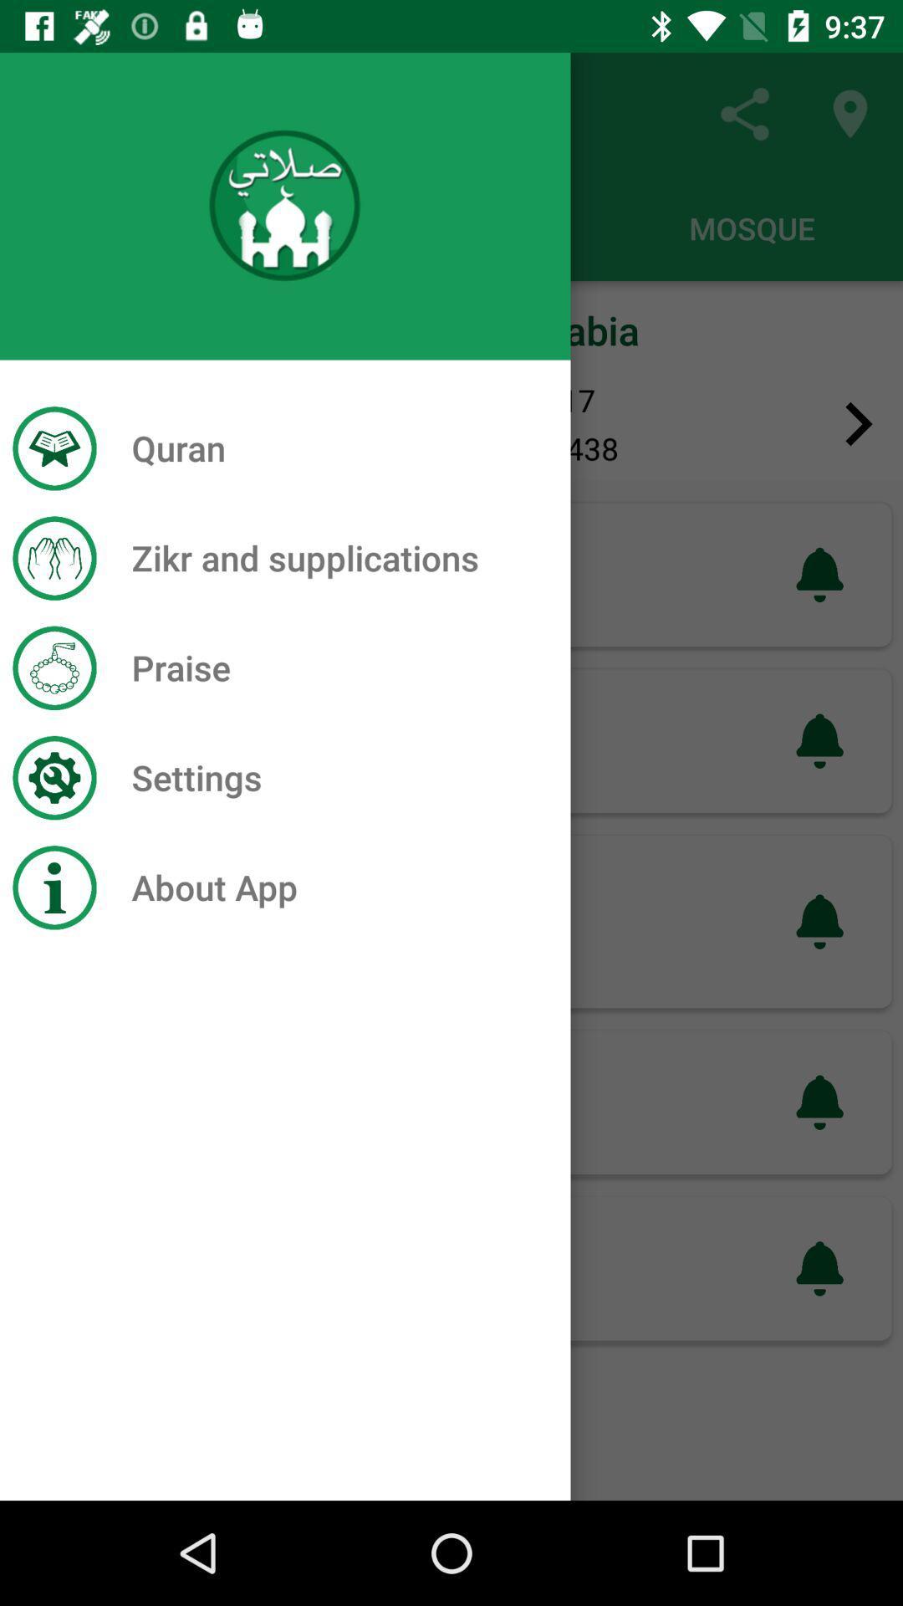 This screenshot has width=903, height=1606. Describe the element at coordinates (43, 424) in the screenshot. I see `the book icon` at that location.